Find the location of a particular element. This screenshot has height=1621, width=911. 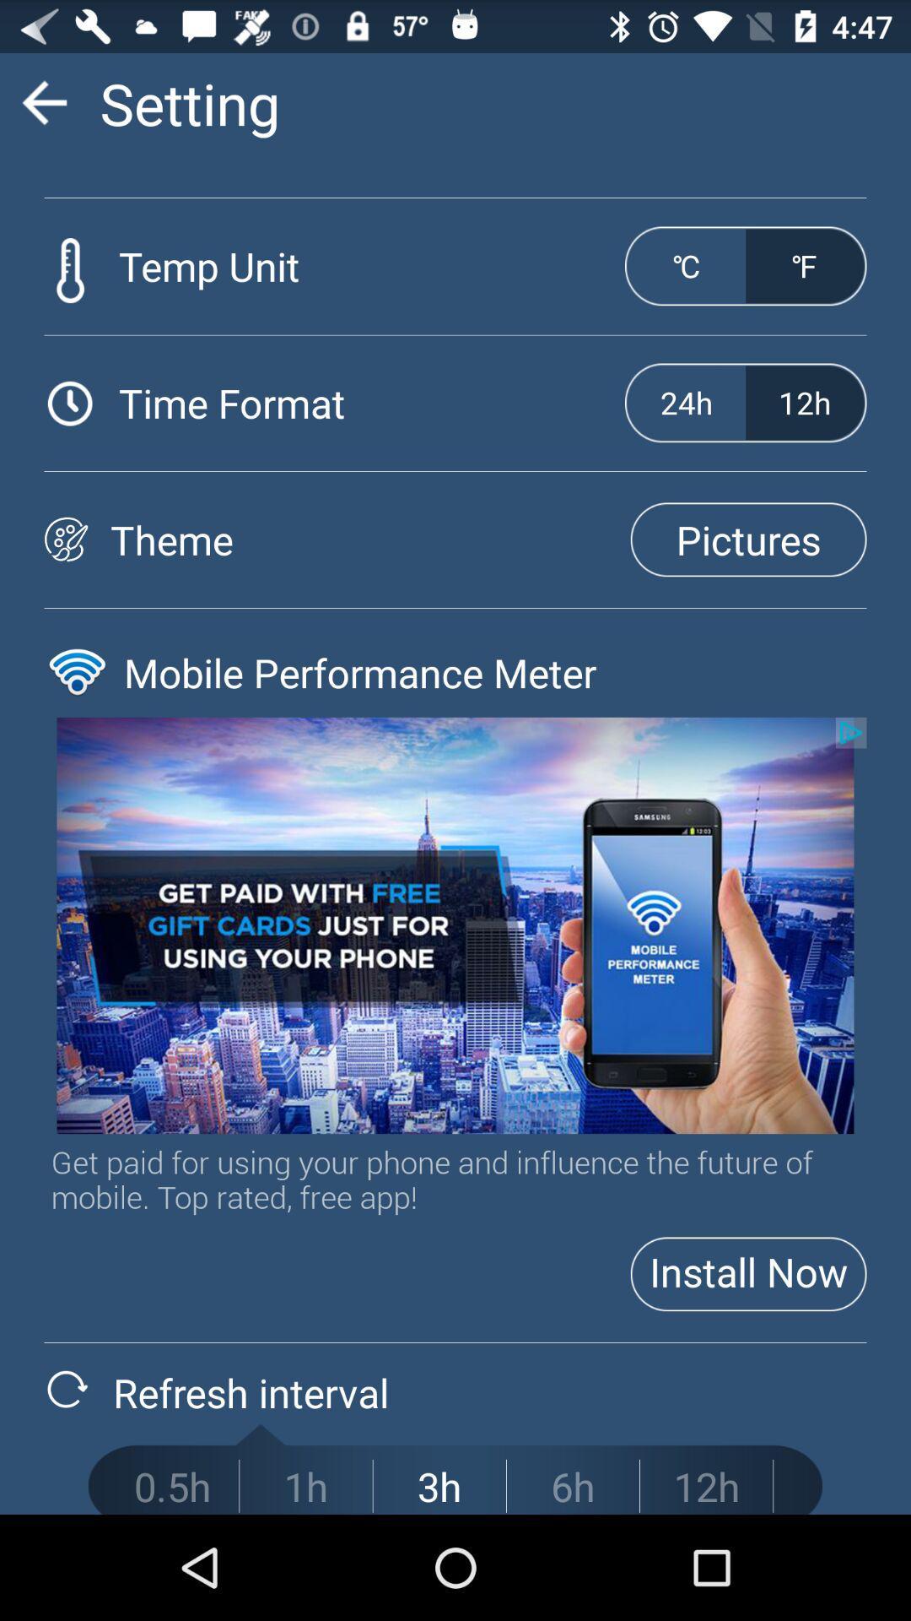

the arrow_backward icon is located at coordinates (43, 109).